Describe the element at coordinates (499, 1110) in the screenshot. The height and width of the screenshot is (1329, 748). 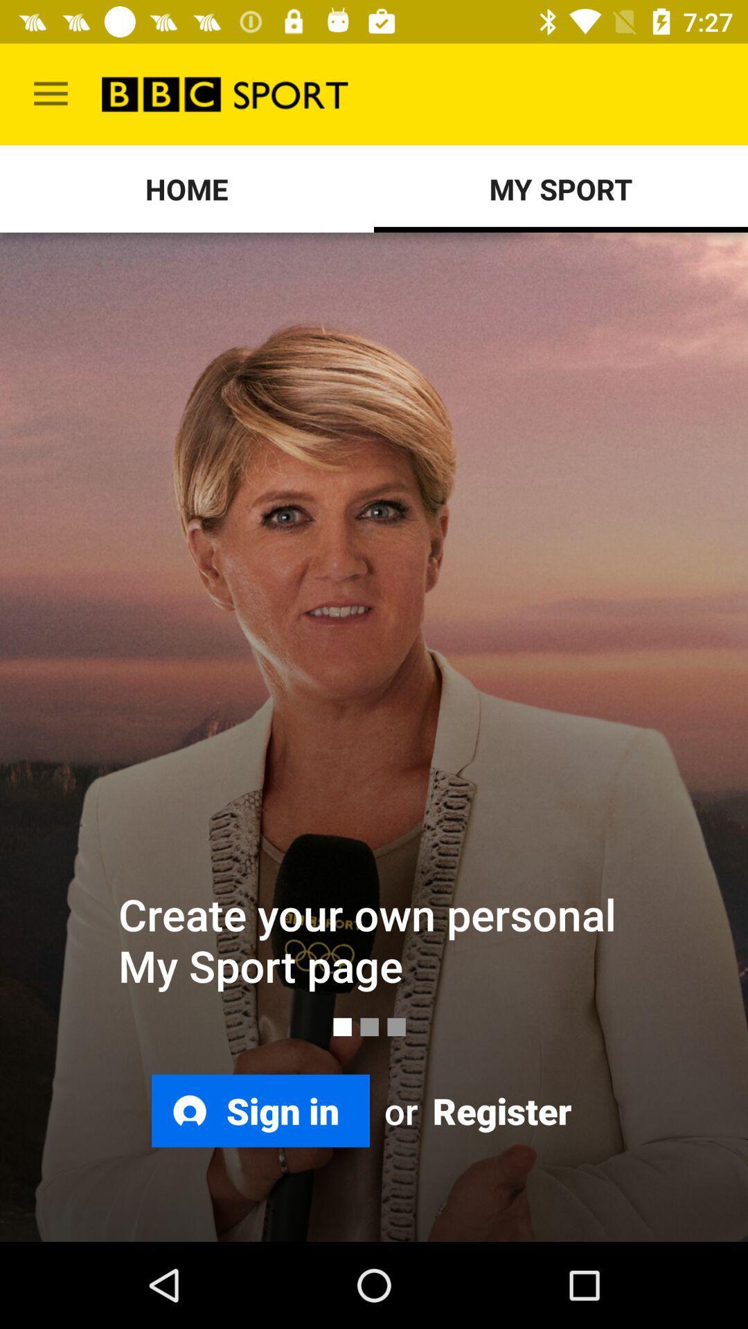
I see `icon next to or item` at that location.